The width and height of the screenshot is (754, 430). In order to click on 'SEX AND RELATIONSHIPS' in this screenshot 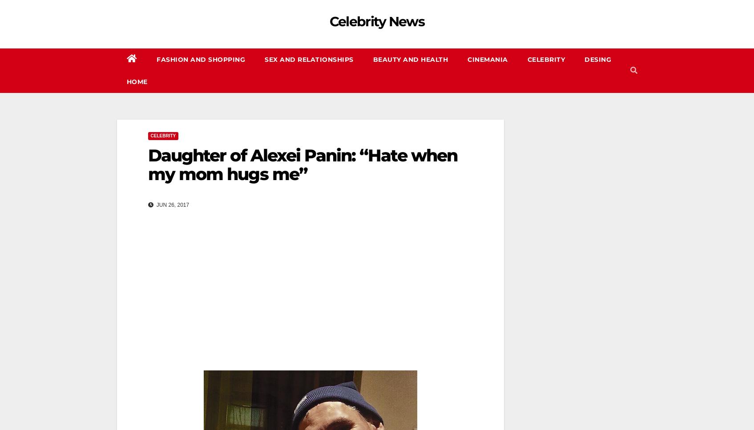, I will do `click(309, 59)`.